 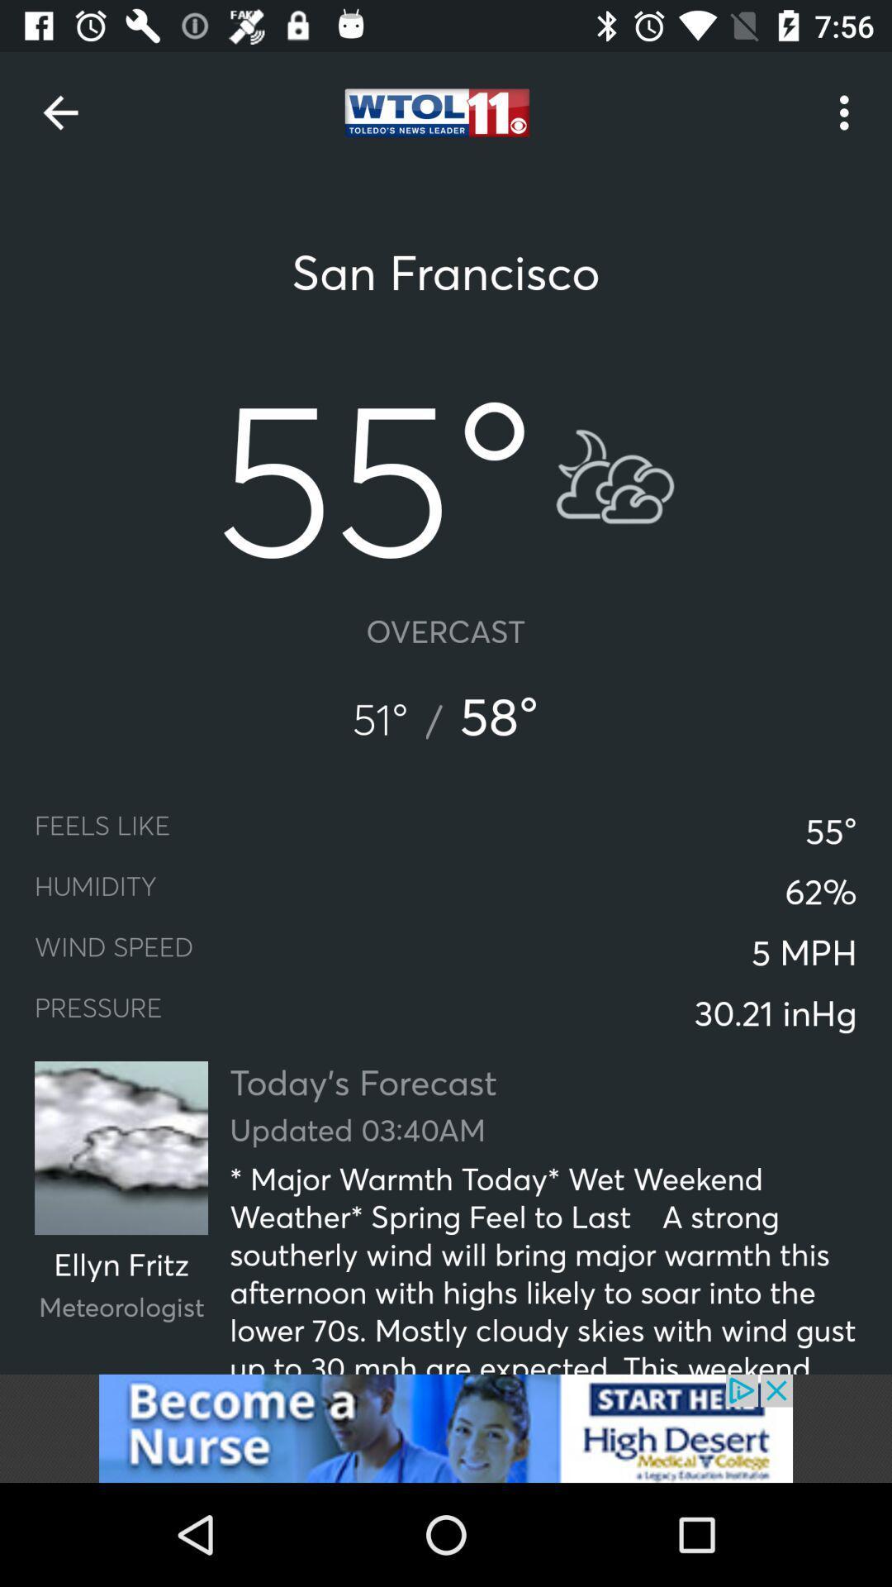 What do you see at coordinates (446, 1427) in the screenshot?
I see `image` at bounding box center [446, 1427].